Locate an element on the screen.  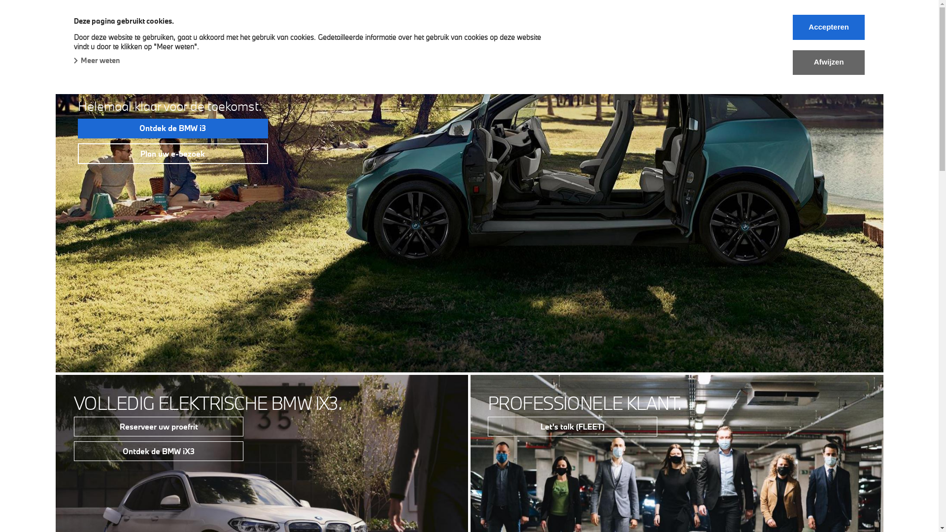
'Meer weten' is located at coordinates (73, 60).